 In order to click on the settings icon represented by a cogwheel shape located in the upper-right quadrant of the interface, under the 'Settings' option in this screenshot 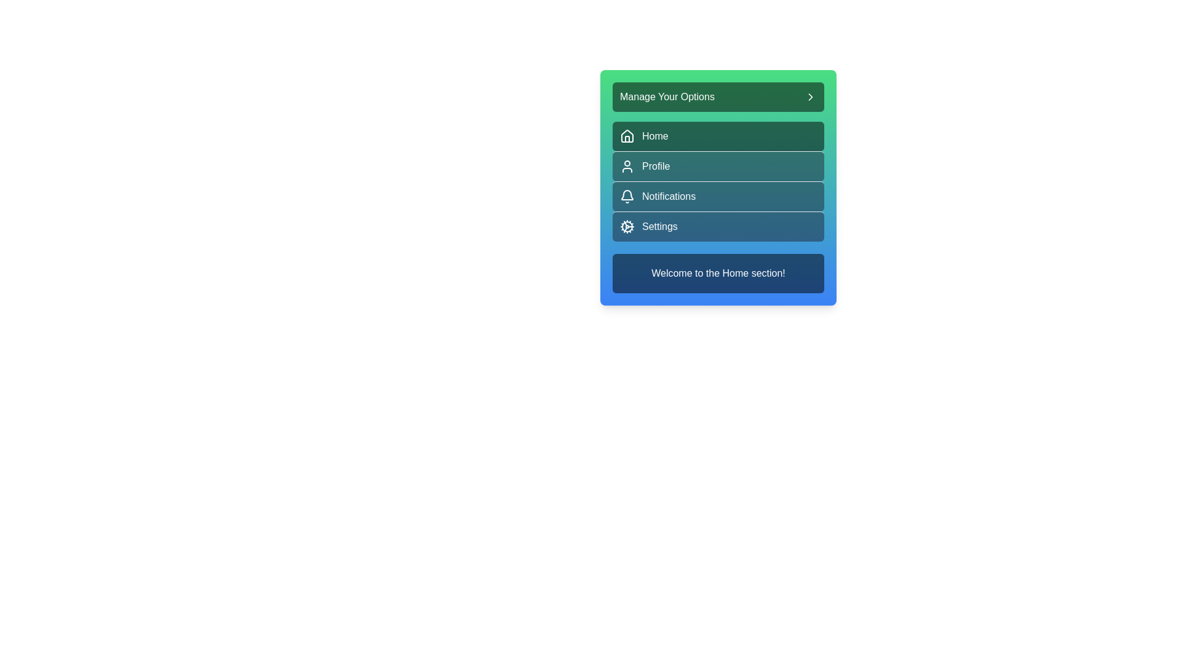, I will do `click(627, 227)`.